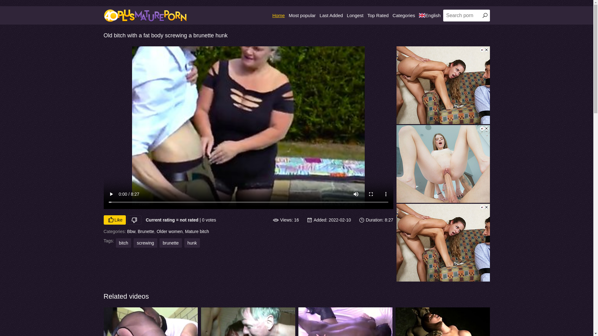 The width and height of the screenshot is (598, 336). Describe the element at coordinates (272, 15) in the screenshot. I see `'Home'` at that location.